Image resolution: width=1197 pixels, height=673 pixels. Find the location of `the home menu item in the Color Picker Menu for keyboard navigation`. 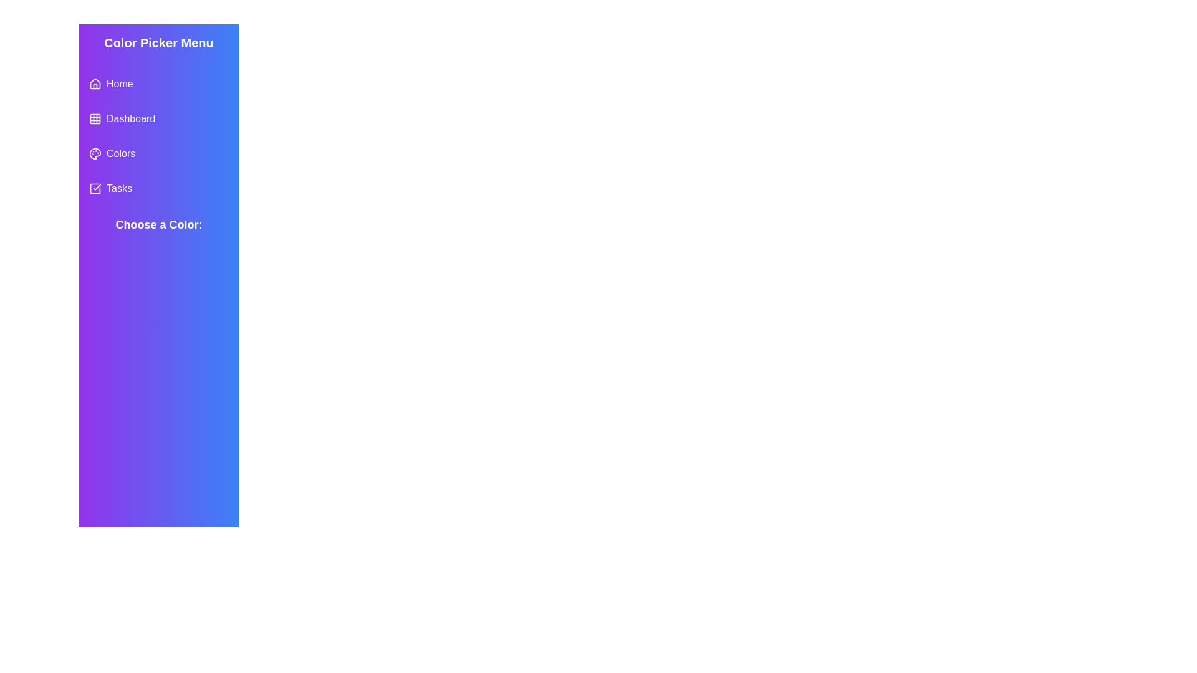

the home menu item in the Color Picker Menu for keyboard navigation is located at coordinates (158, 84).